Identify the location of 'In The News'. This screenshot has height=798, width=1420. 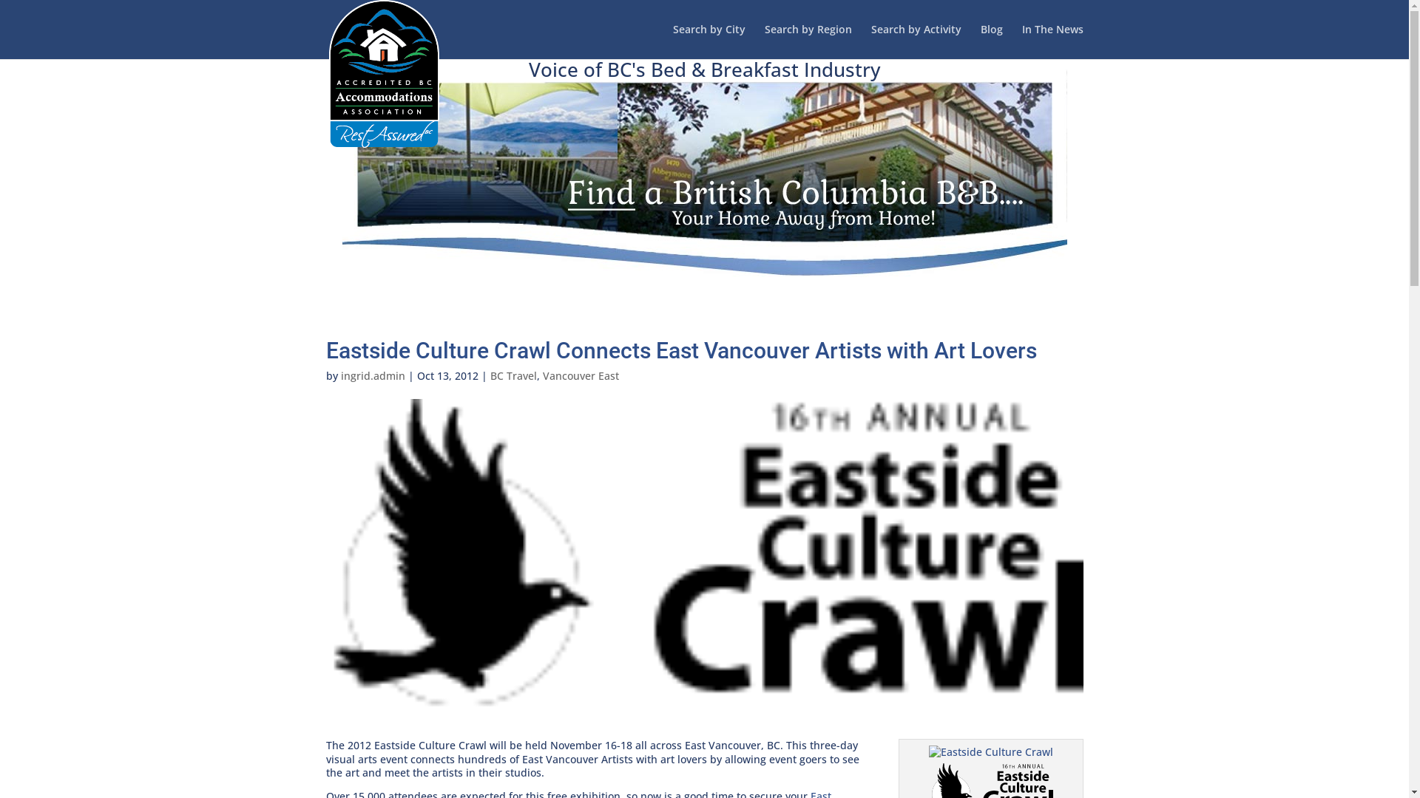
(1052, 41).